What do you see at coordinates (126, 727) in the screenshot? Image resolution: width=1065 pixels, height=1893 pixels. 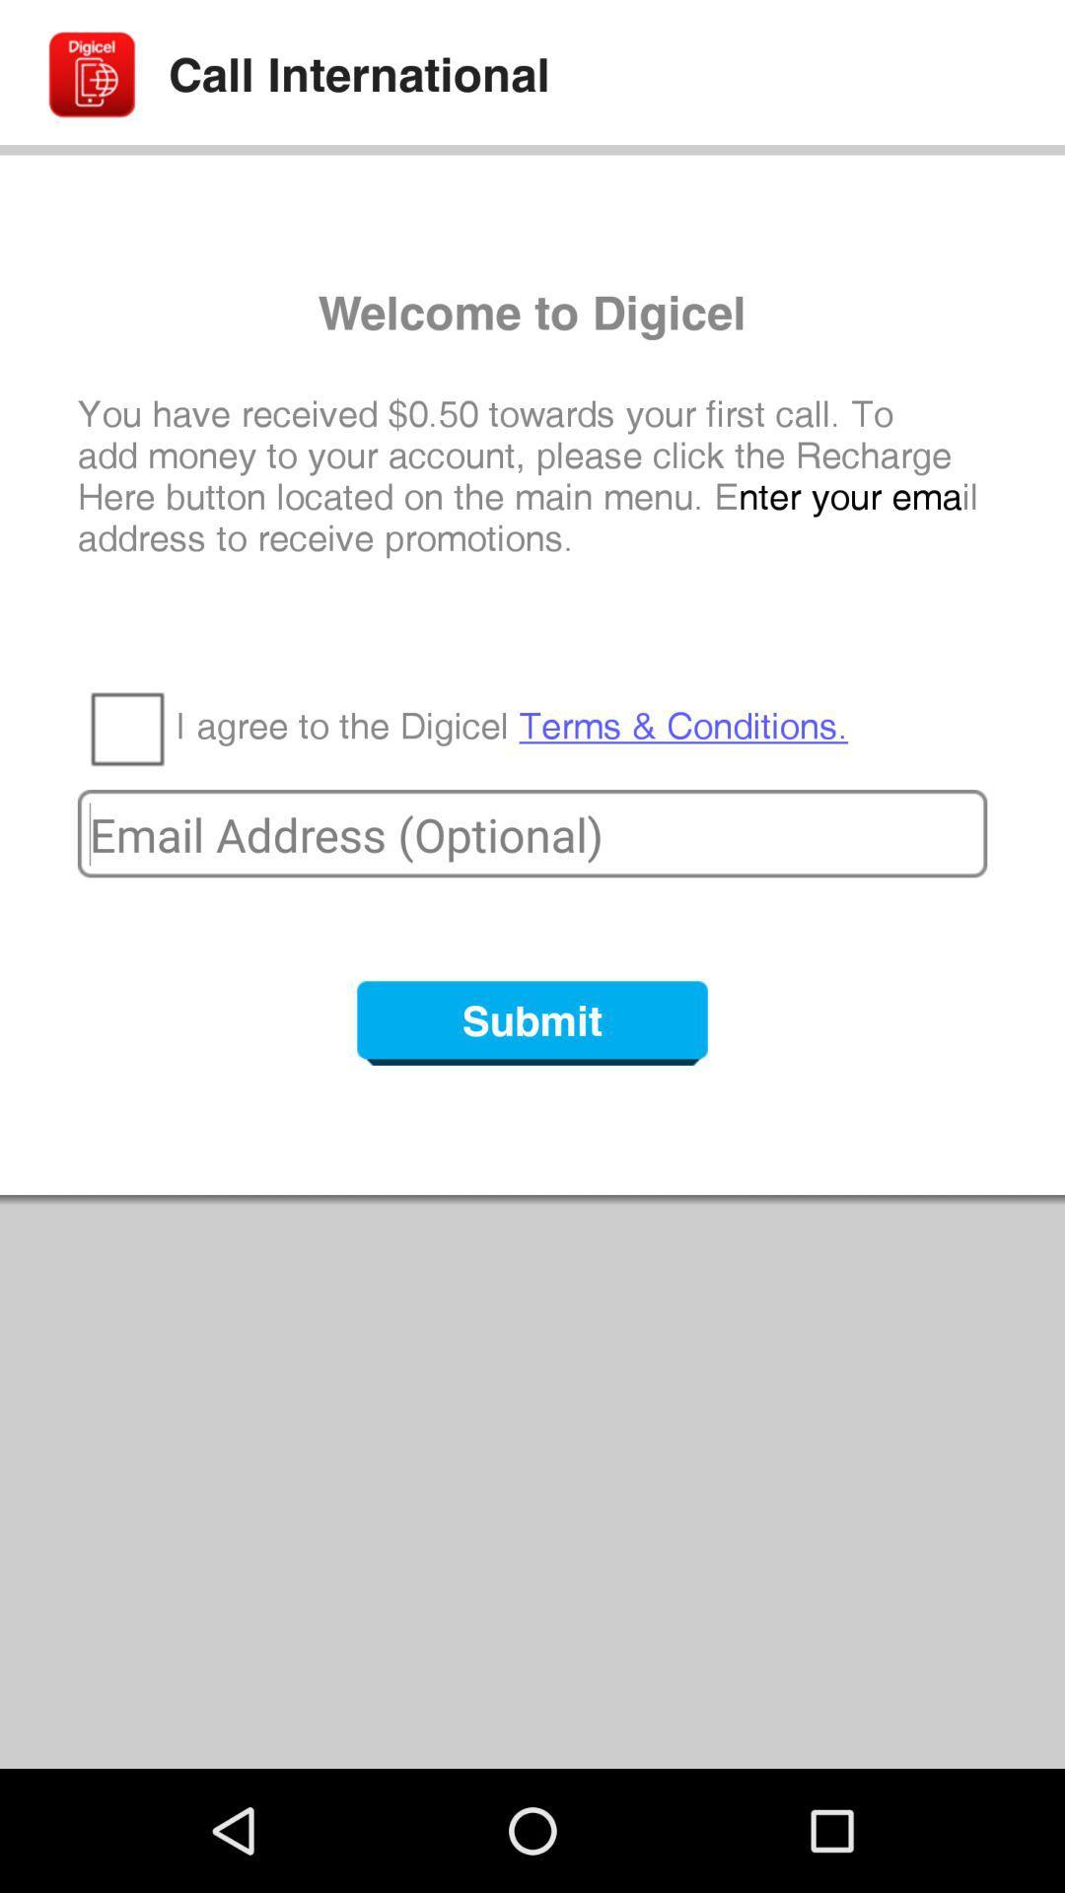 I see `check this box` at bounding box center [126, 727].